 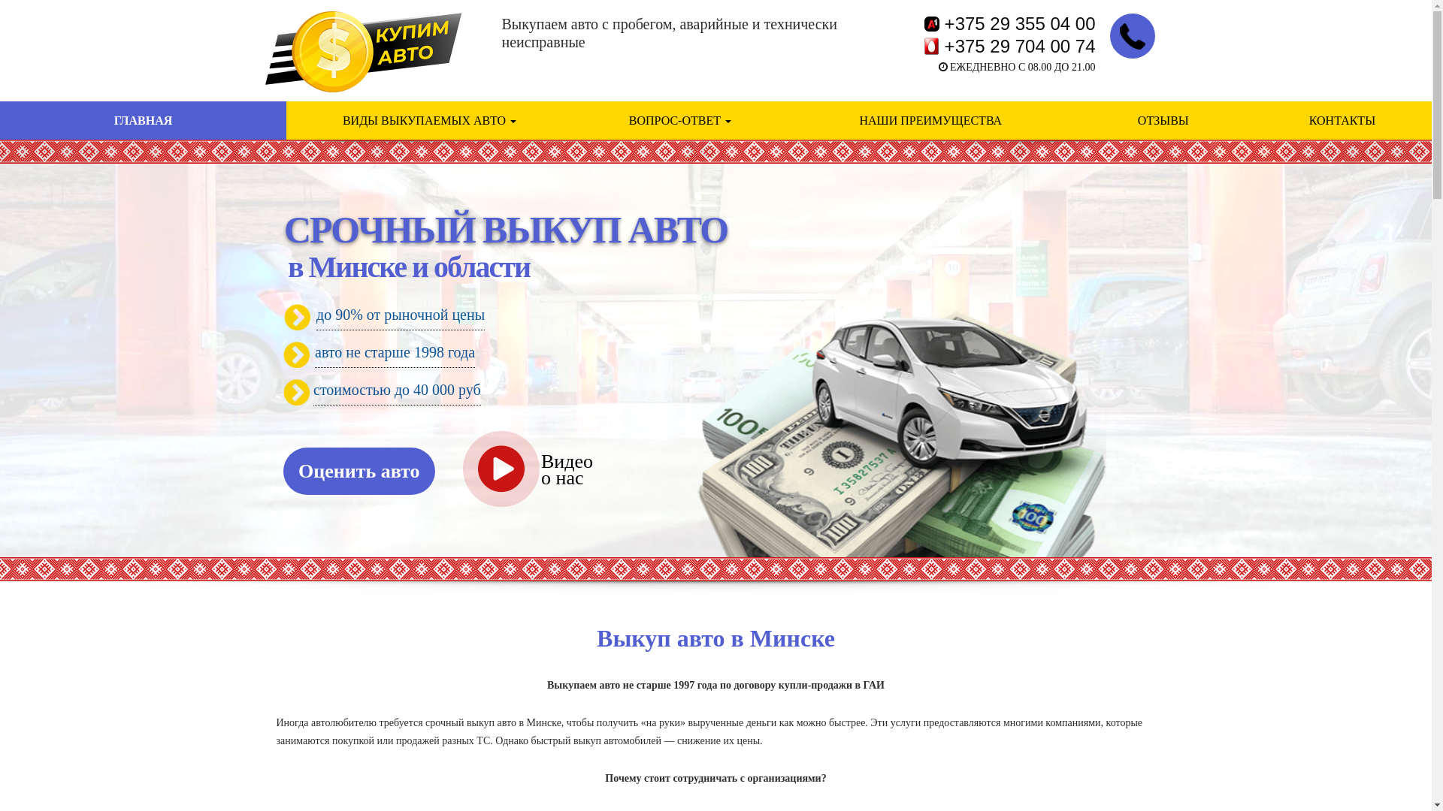 What do you see at coordinates (1010, 45) in the screenshot?
I see `'+375 29 704 00 74'` at bounding box center [1010, 45].